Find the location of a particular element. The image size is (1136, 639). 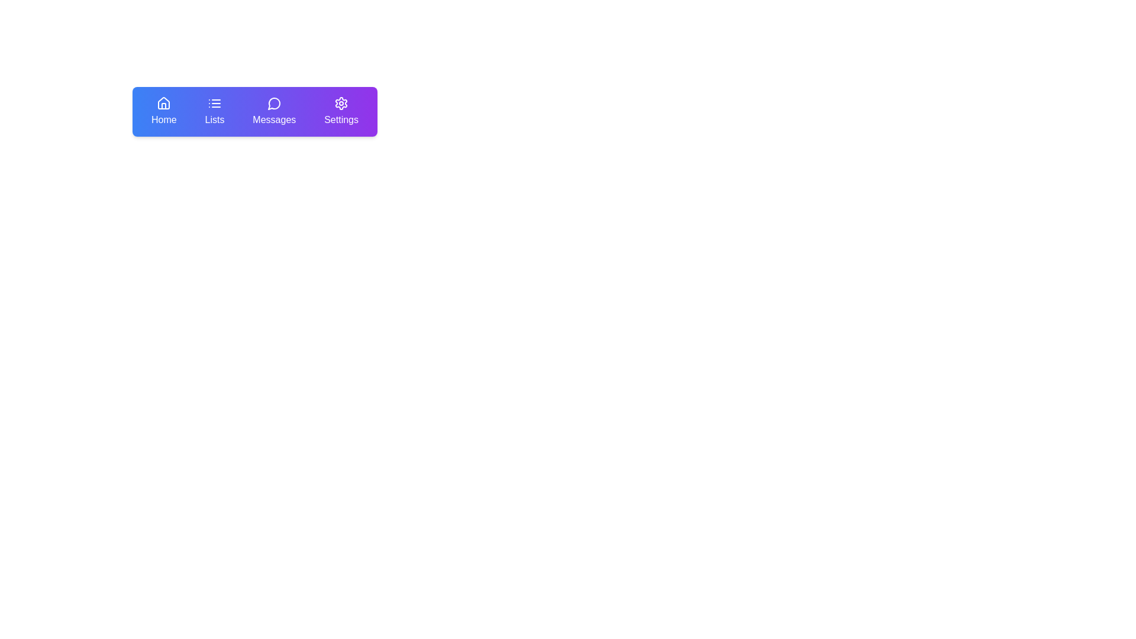

the 'Lists' button, which features a vertically stacked icon of three horizontal lines above a dot and the text 'Lists' in white on a gradient background from blue to purple is located at coordinates (215, 112).